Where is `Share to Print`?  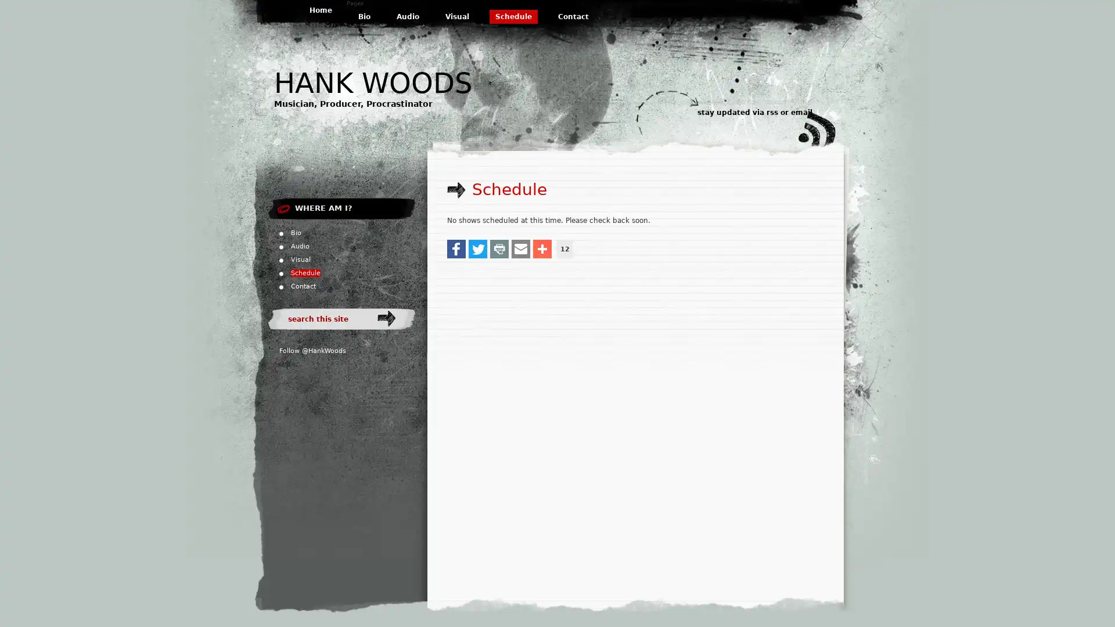
Share to Print is located at coordinates (499, 248).